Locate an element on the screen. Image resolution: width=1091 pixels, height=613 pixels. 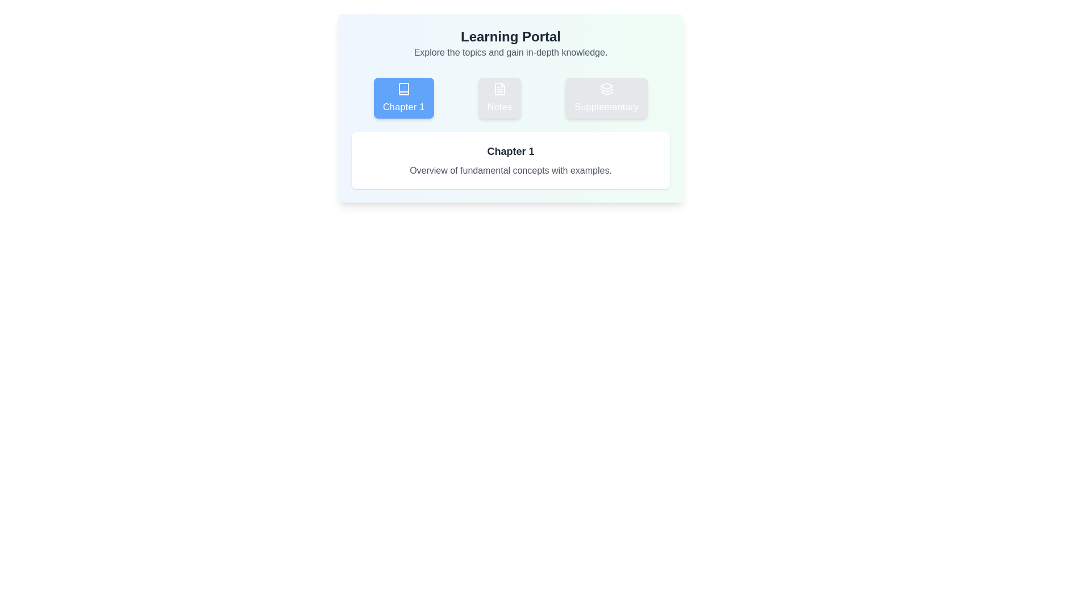
the third button in a horizontal row, which accesses supplementary materials or resources is located at coordinates (606, 98).